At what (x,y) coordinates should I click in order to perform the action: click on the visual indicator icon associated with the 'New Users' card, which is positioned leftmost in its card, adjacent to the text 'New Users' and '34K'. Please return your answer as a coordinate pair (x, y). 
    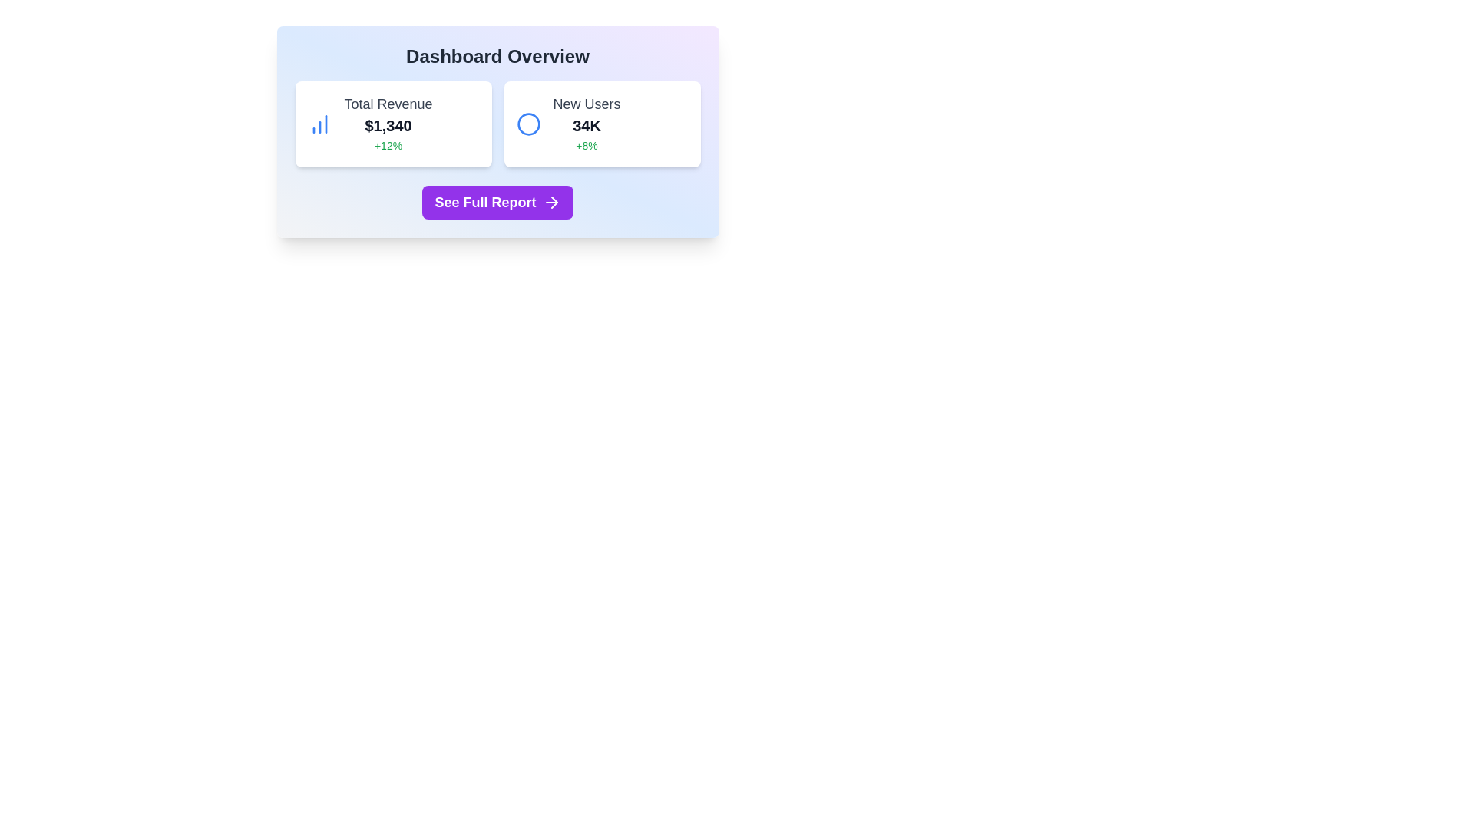
    Looking at the image, I should click on (528, 124).